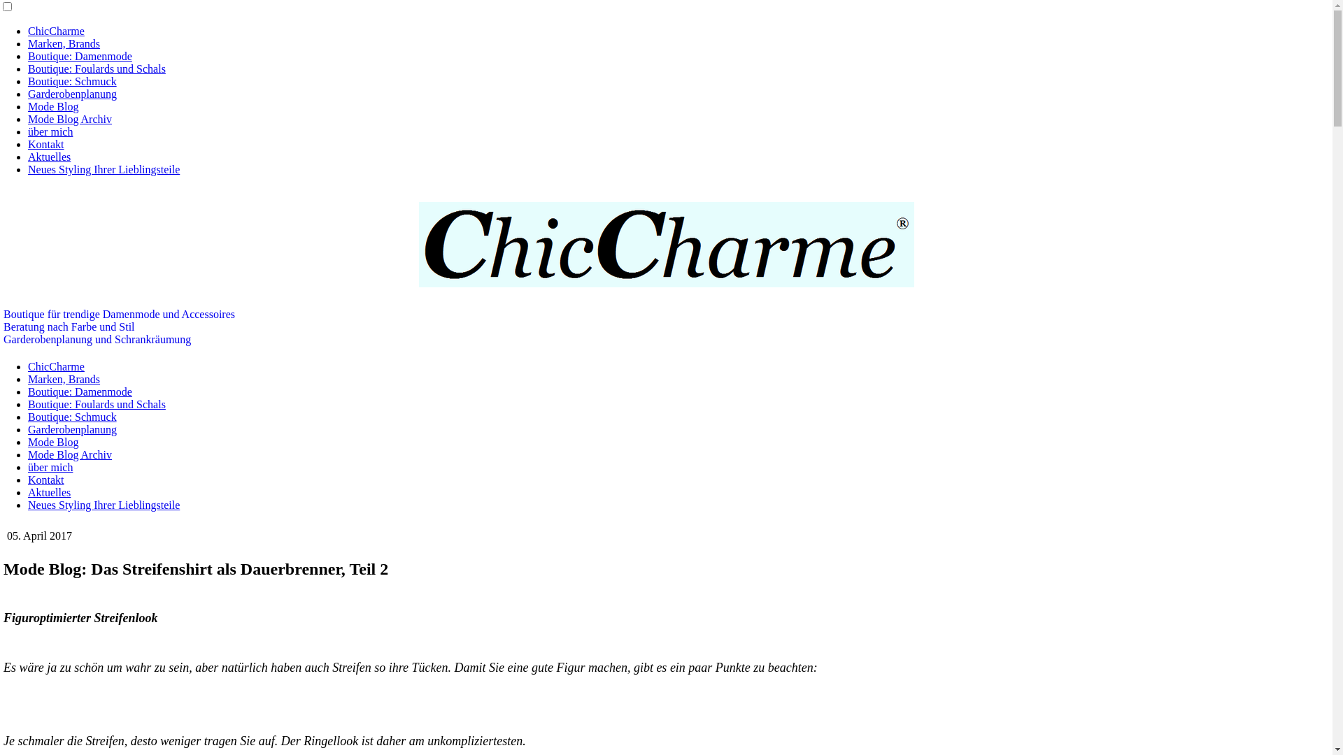  I want to click on 'Kontakt', so click(46, 144).